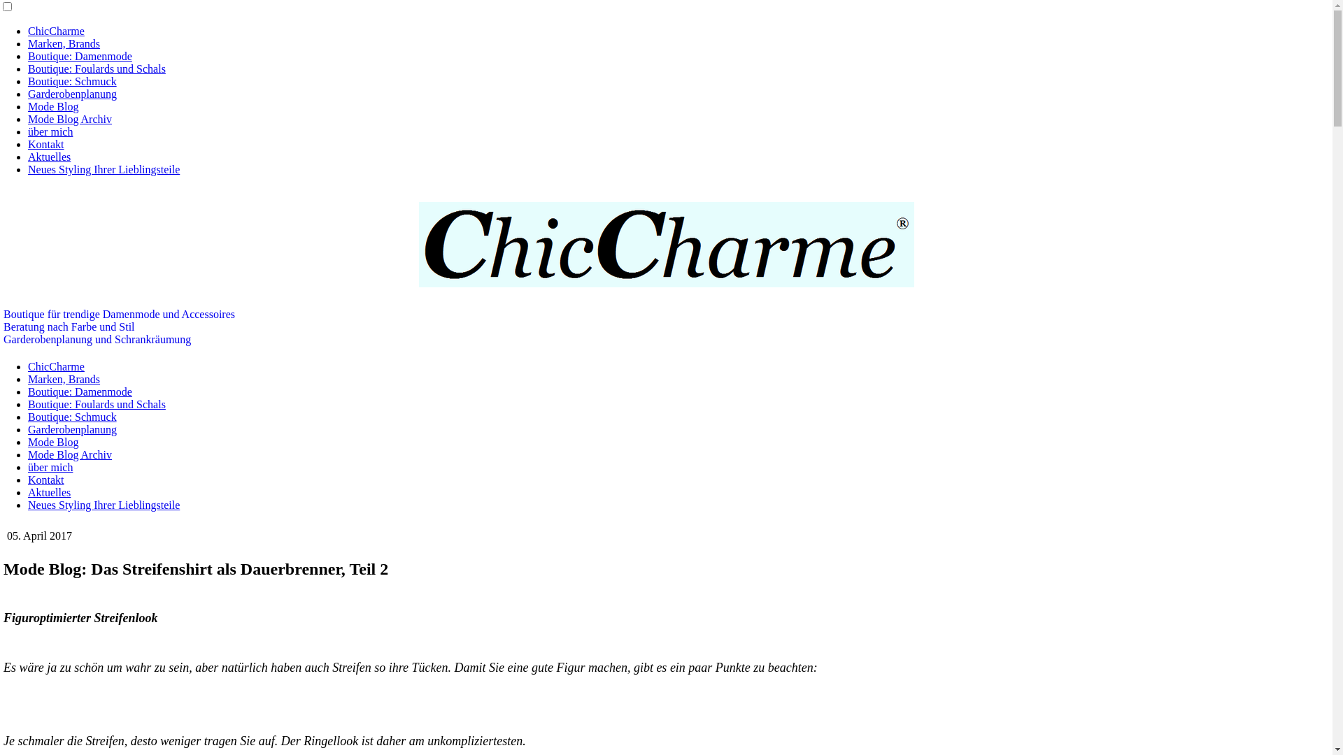  I want to click on 'Kontakt', so click(46, 144).